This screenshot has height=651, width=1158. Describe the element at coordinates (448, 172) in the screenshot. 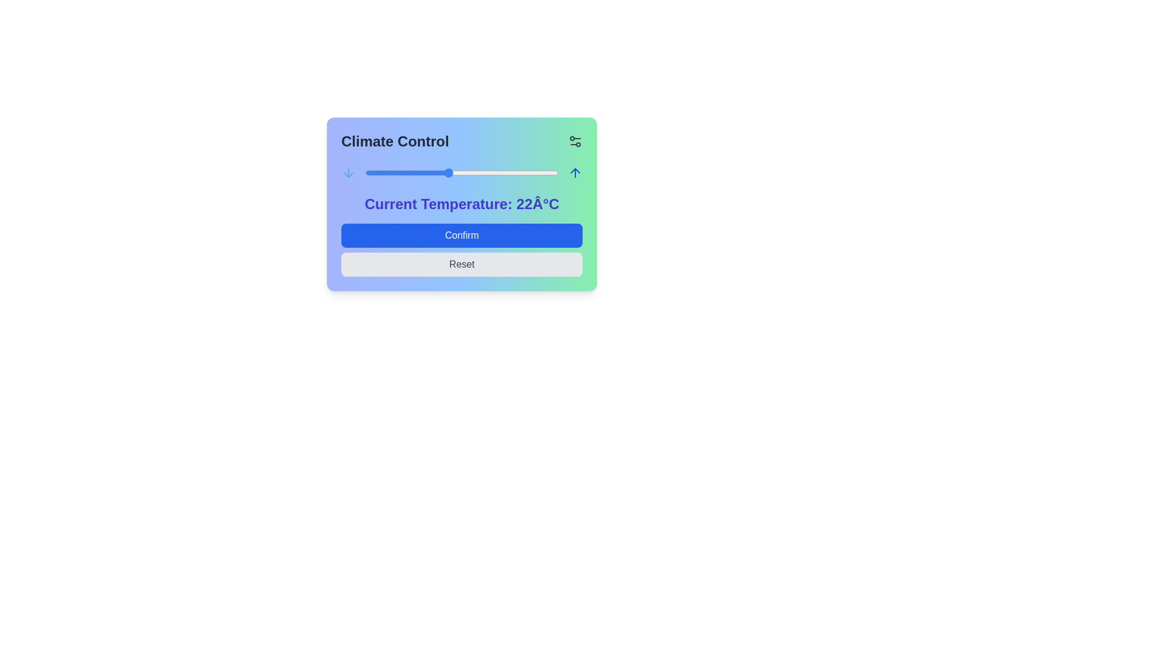

I see `the temperature slider to set the temperature to 22°C` at that location.